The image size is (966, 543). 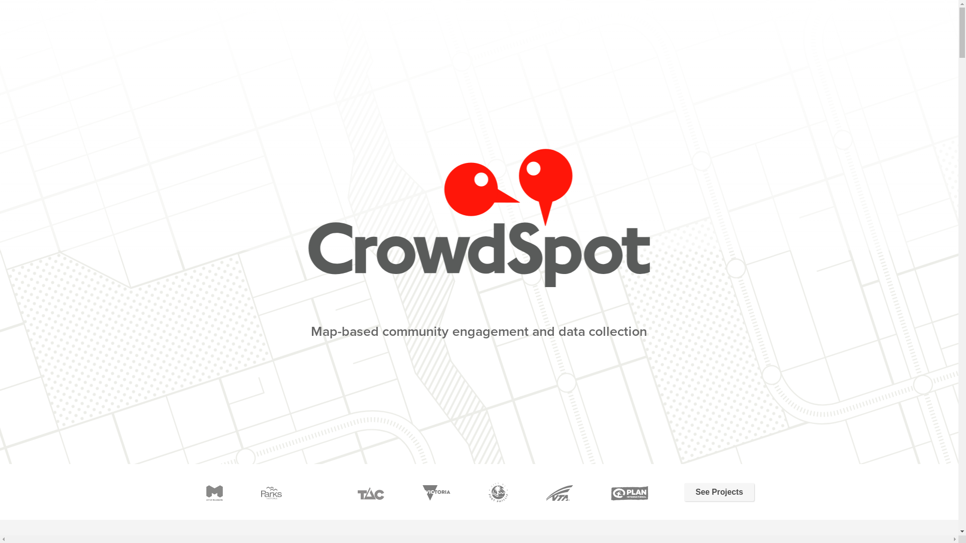 I want to click on 'See Projects', so click(x=718, y=492).